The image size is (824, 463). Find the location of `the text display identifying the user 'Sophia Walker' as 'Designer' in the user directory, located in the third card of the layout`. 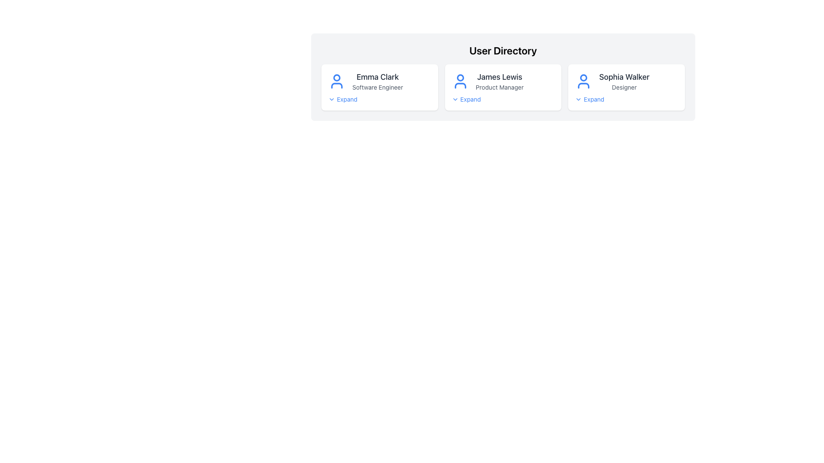

the text display identifying the user 'Sophia Walker' as 'Designer' in the user directory, located in the third card of the layout is located at coordinates (624, 81).